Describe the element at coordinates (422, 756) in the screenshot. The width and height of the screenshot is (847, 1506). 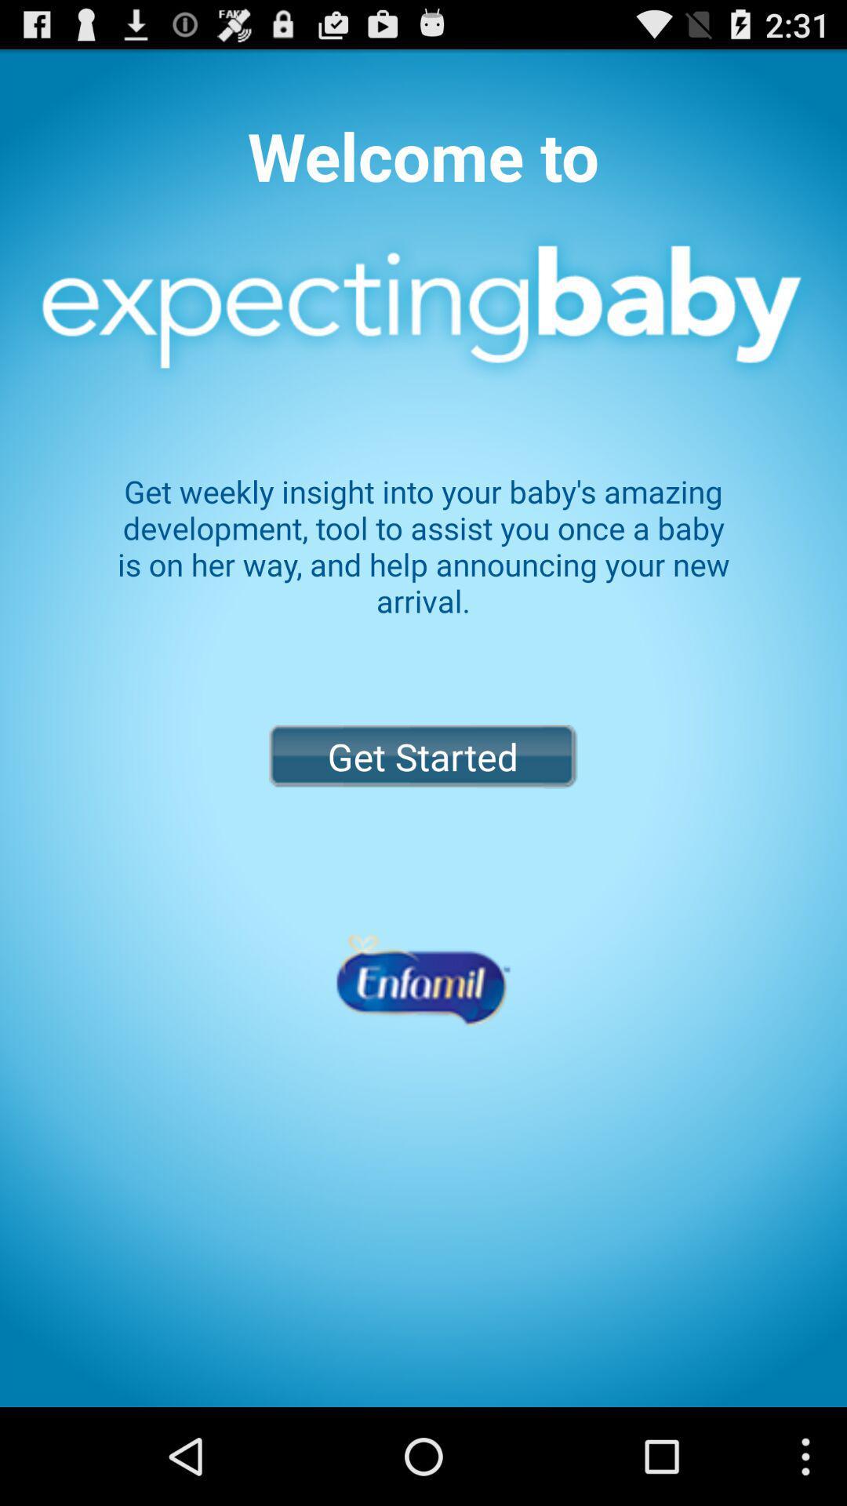
I see `get started item` at that location.